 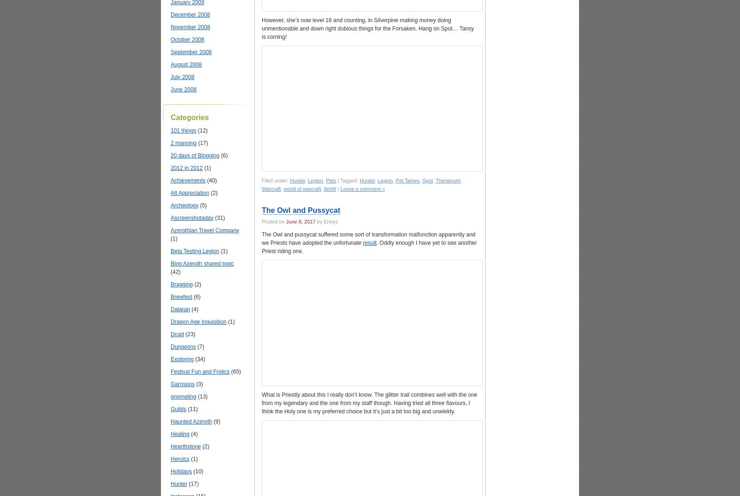 What do you see at coordinates (170, 193) in the screenshot?
I see `'Alt Appreciation'` at bounding box center [170, 193].